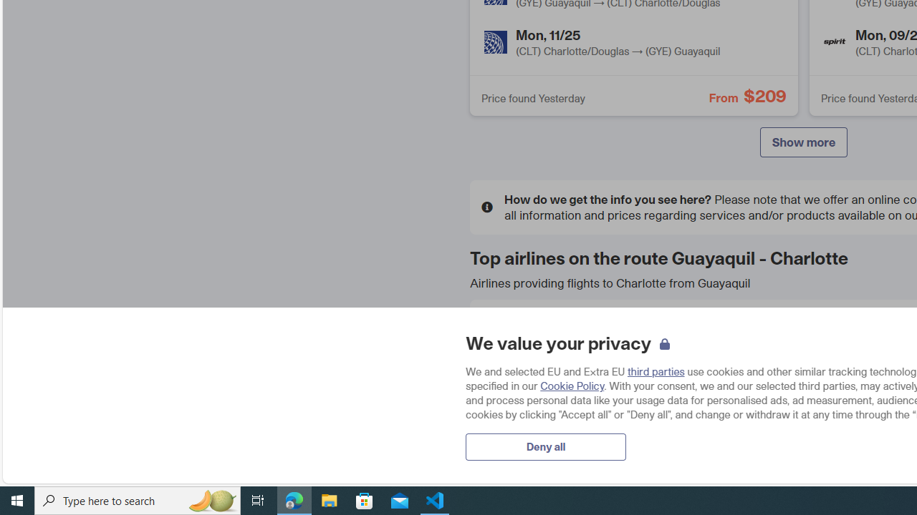 The image size is (917, 515). What do you see at coordinates (571, 385) in the screenshot?
I see `'Cookie Policy'` at bounding box center [571, 385].